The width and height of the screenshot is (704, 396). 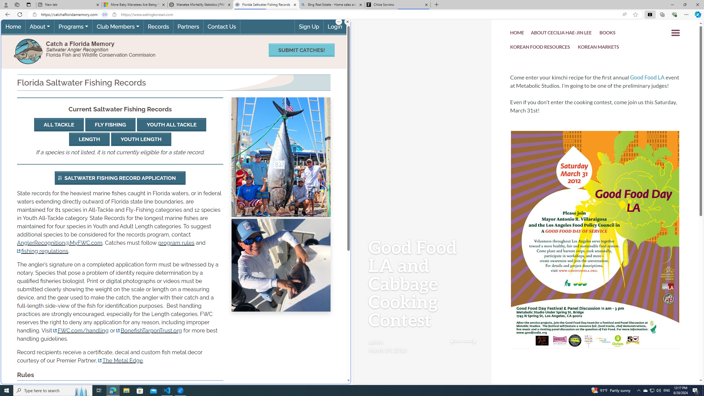 What do you see at coordinates (141, 139) in the screenshot?
I see `'YOUTH LENGTH'` at bounding box center [141, 139].